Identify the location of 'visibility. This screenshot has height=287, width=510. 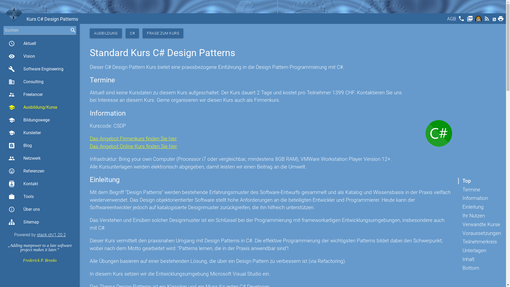
(0, 56).